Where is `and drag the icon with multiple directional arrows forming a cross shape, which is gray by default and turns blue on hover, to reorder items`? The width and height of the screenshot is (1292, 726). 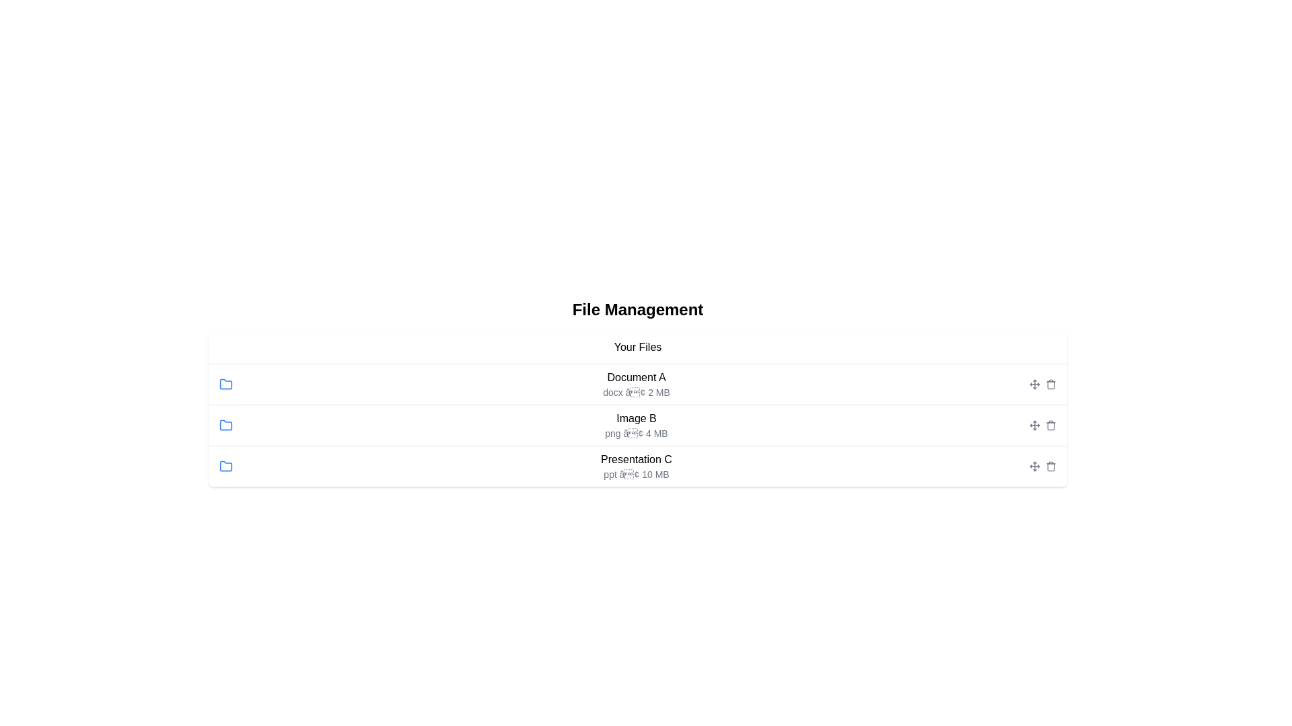 and drag the icon with multiple directional arrows forming a cross shape, which is gray by default and turns blue on hover, to reorder items is located at coordinates (1034, 384).